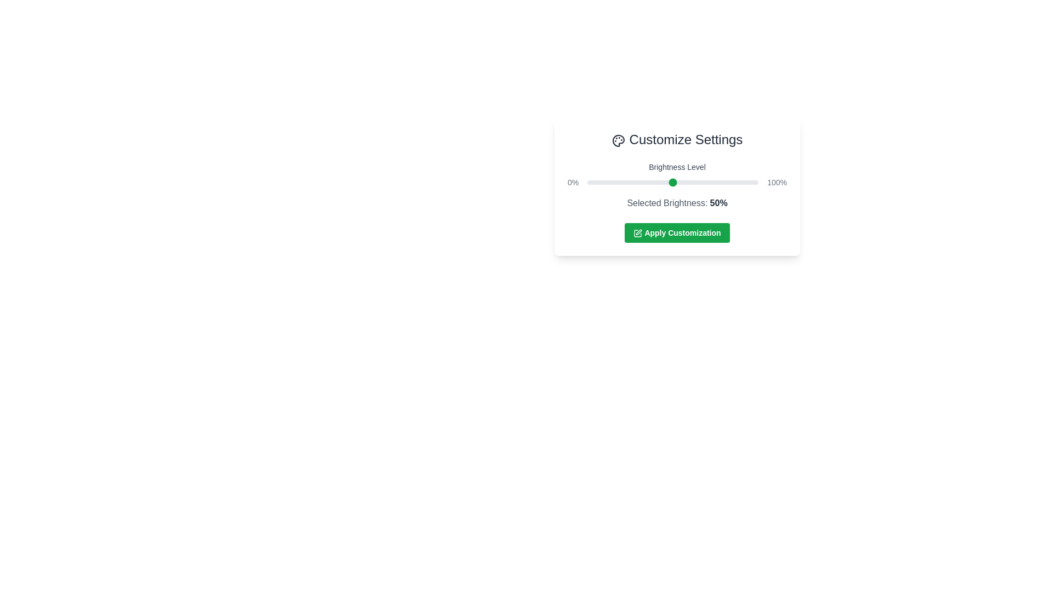 The height and width of the screenshot is (592, 1053). Describe the element at coordinates (677, 181) in the screenshot. I see `brightness level` at that location.